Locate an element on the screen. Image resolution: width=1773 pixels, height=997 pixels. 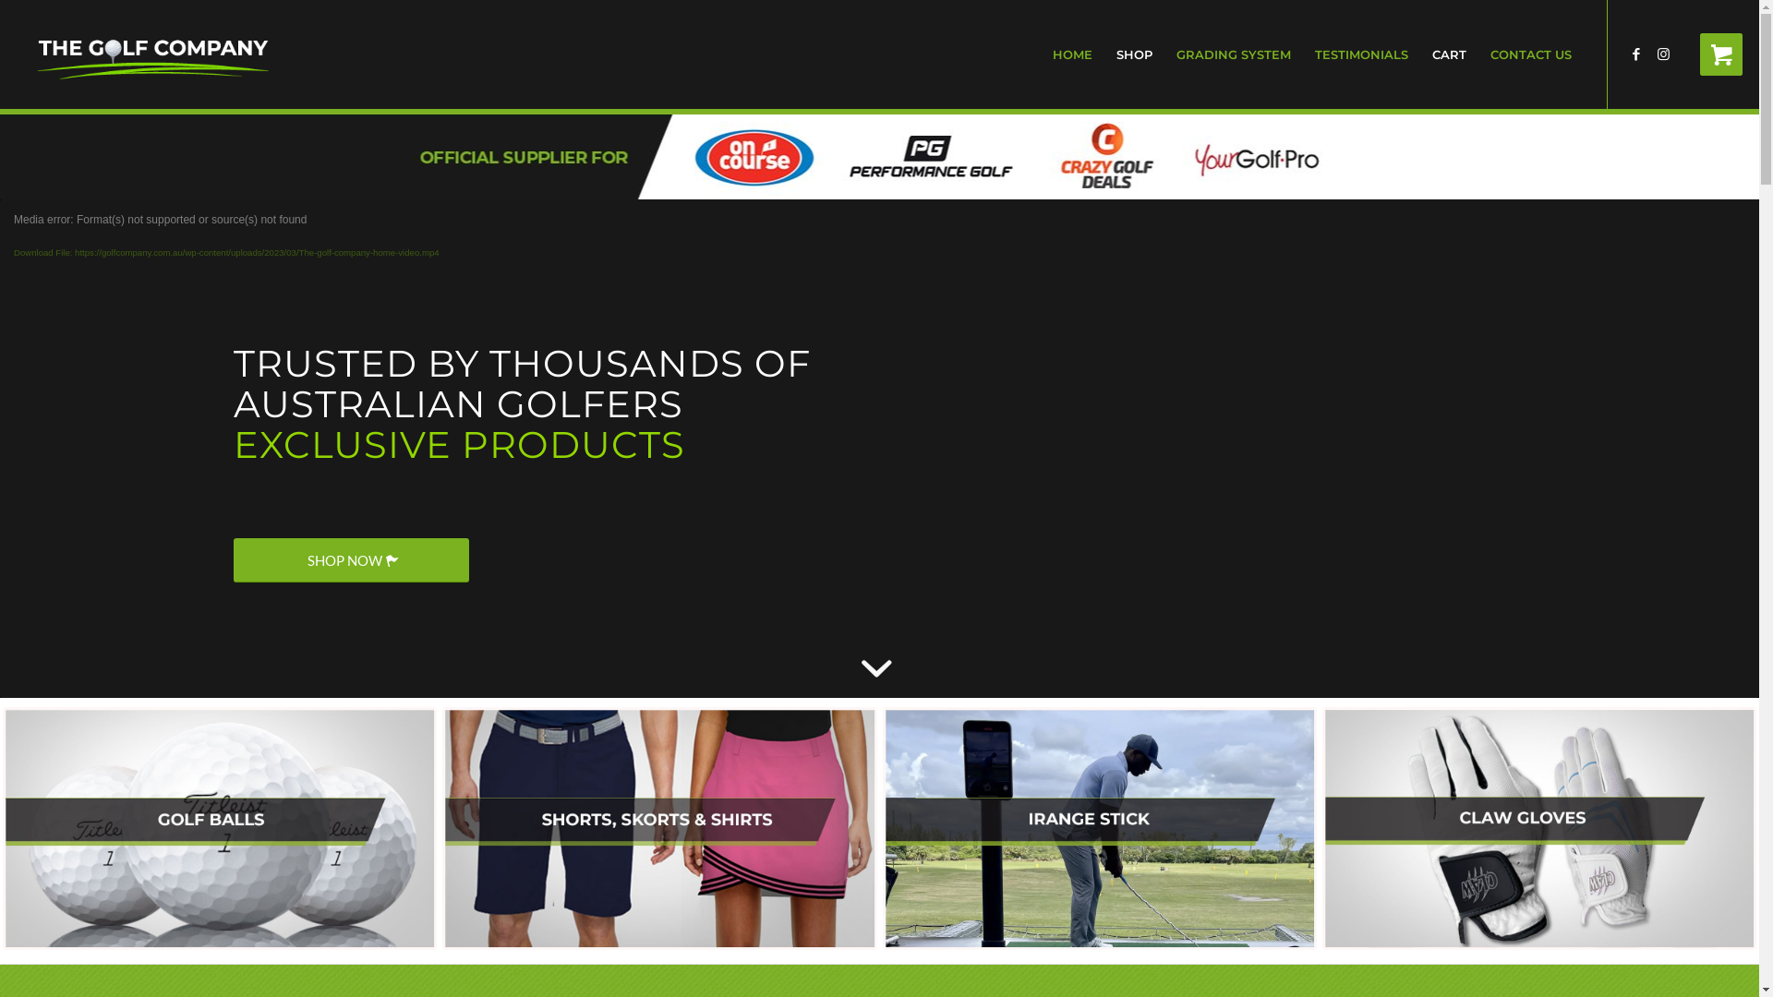
'golf-balls-thumb' is located at coordinates (220, 827).